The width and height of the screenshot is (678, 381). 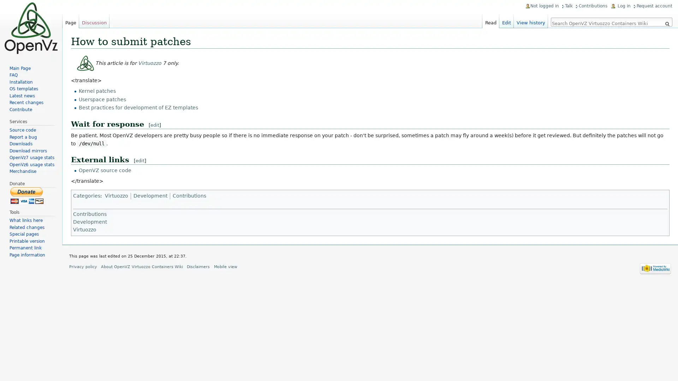 What do you see at coordinates (667, 24) in the screenshot?
I see `Go` at bounding box center [667, 24].